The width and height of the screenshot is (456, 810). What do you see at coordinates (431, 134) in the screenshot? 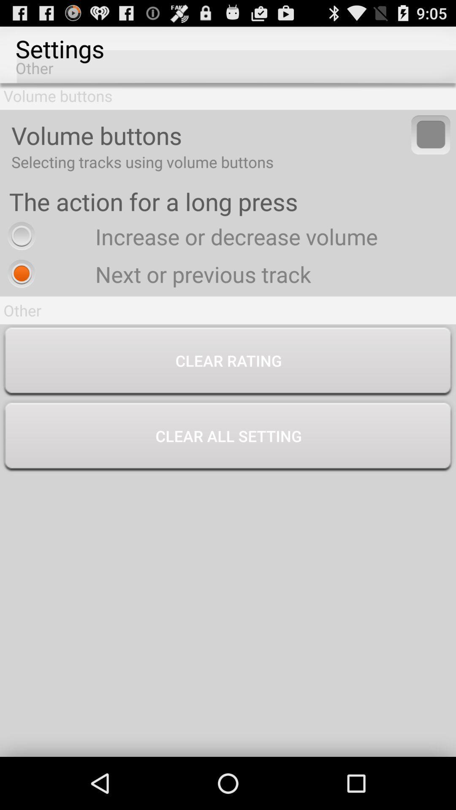
I see `the icon to the right of volume buttons` at bounding box center [431, 134].